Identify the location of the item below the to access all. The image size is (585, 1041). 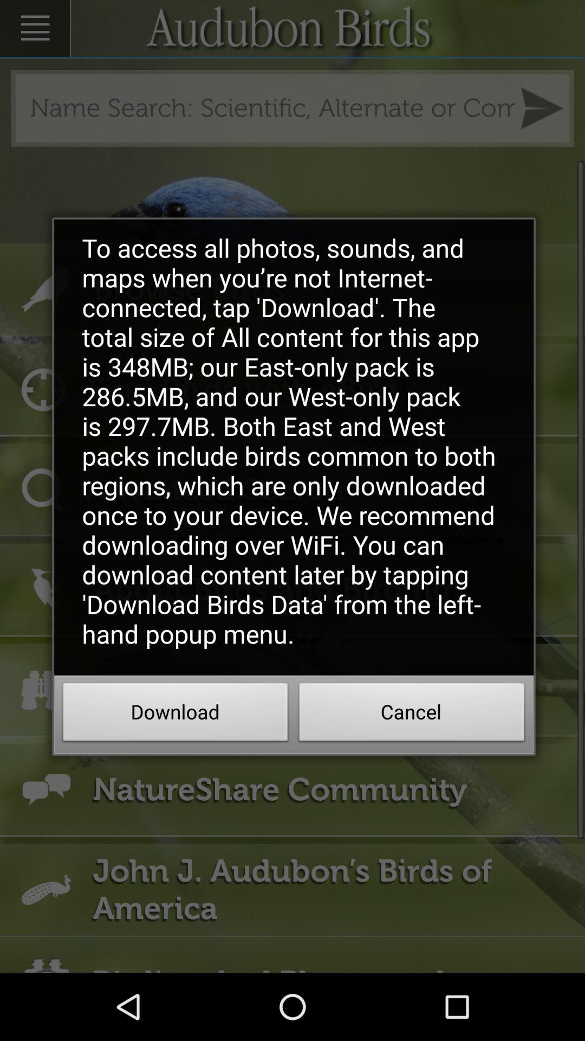
(412, 715).